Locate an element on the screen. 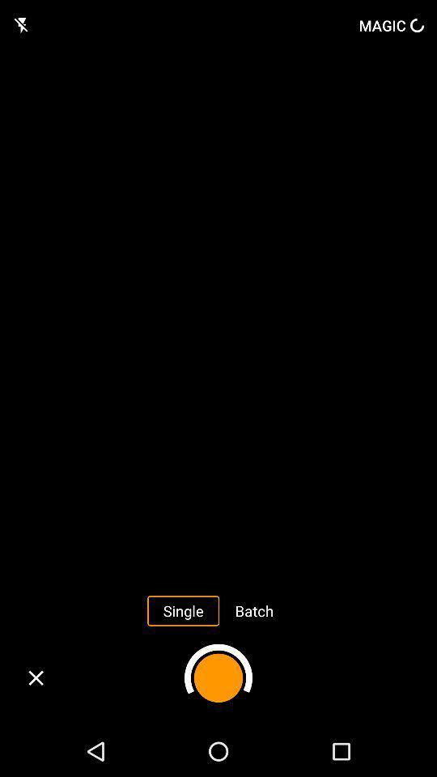 The height and width of the screenshot is (777, 437). magic is located at coordinates (390, 24).